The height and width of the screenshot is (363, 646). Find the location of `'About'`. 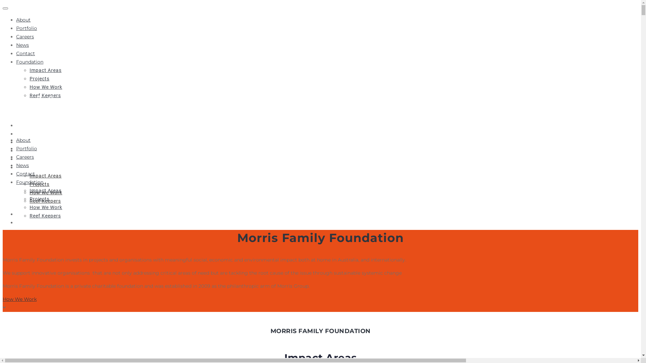

'About' is located at coordinates (24, 125).